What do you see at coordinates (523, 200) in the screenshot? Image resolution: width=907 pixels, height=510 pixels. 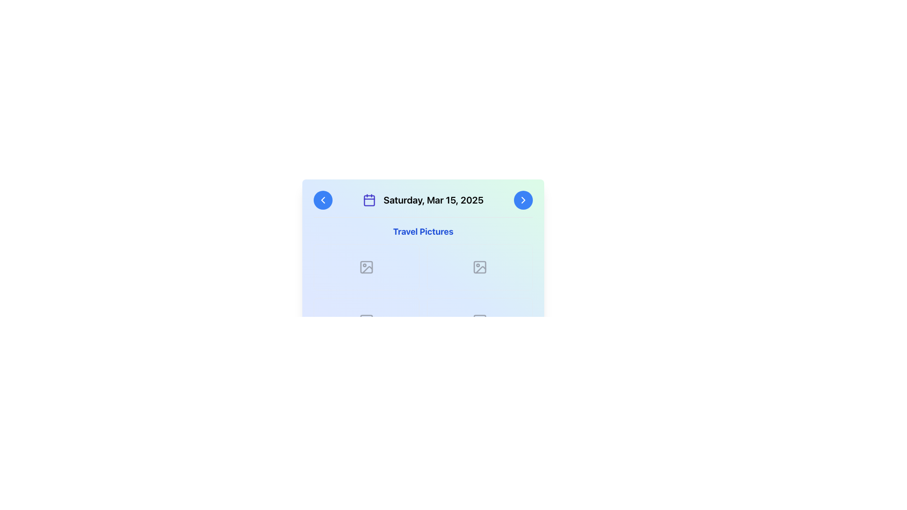 I see `the rightward-pointing chevron icon located in the top-right corner of the interface` at bounding box center [523, 200].